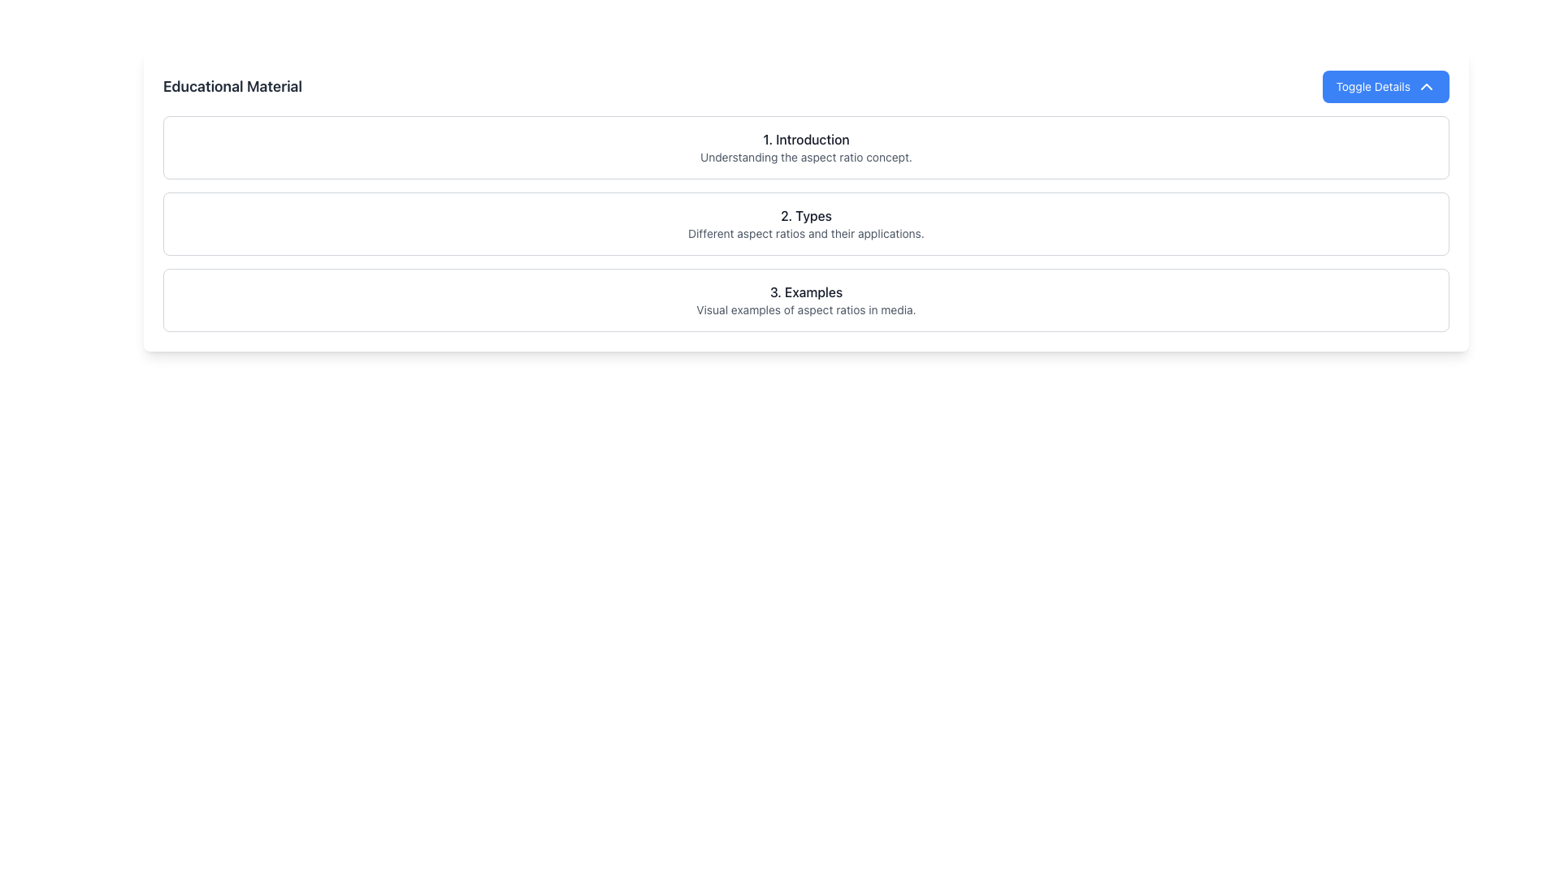 This screenshot has width=1560, height=877. I want to click on the chevron-up icon located on the right end of the 'Toggle Details' button, so click(1426, 87).